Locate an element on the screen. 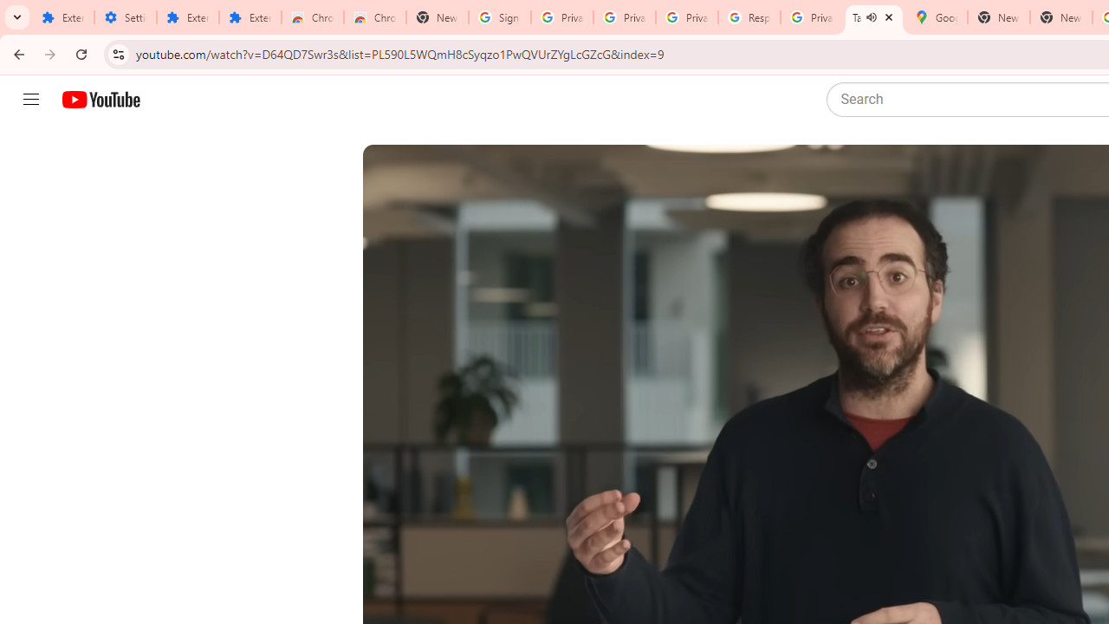 This screenshot has height=624, width=1109. 'Mute tab' is located at coordinates (872, 17).